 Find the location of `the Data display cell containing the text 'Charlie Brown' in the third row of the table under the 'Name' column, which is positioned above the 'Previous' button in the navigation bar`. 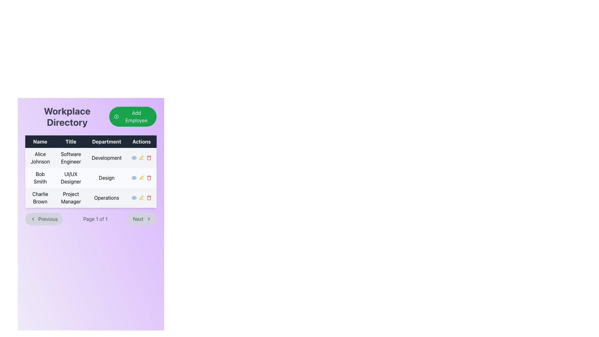

the Data display cell containing the text 'Charlie Brown' in the third row of the table under the 'Name' column, which is positioned above the 'Previous' button in the navigation bar is located at coordinates (40, 198).